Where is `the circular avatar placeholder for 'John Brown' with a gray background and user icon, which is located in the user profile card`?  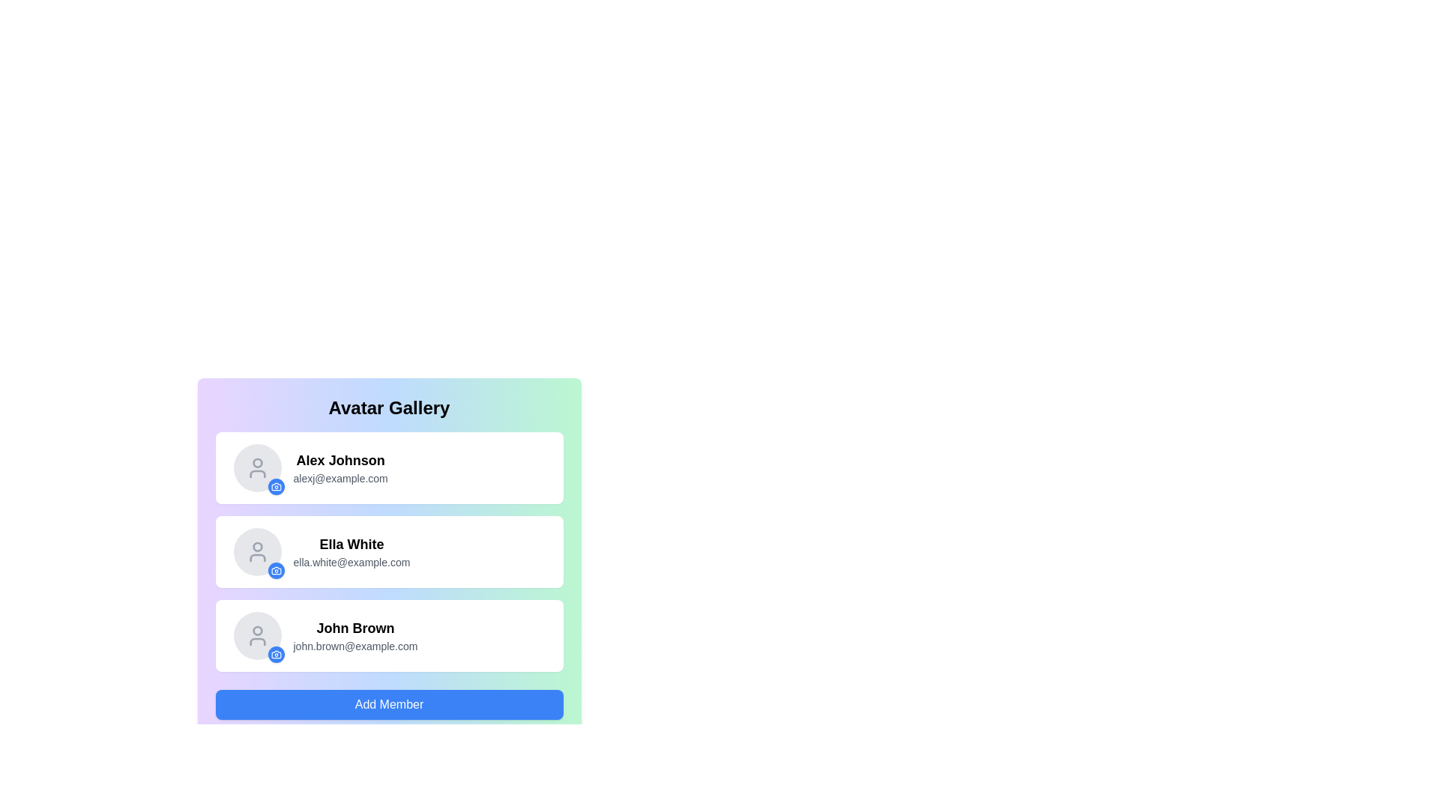
the circular avatar placeholder for 'John Brown' with a gray background and user icon, which is located in the user profile card is located at coordinates (257, 635).